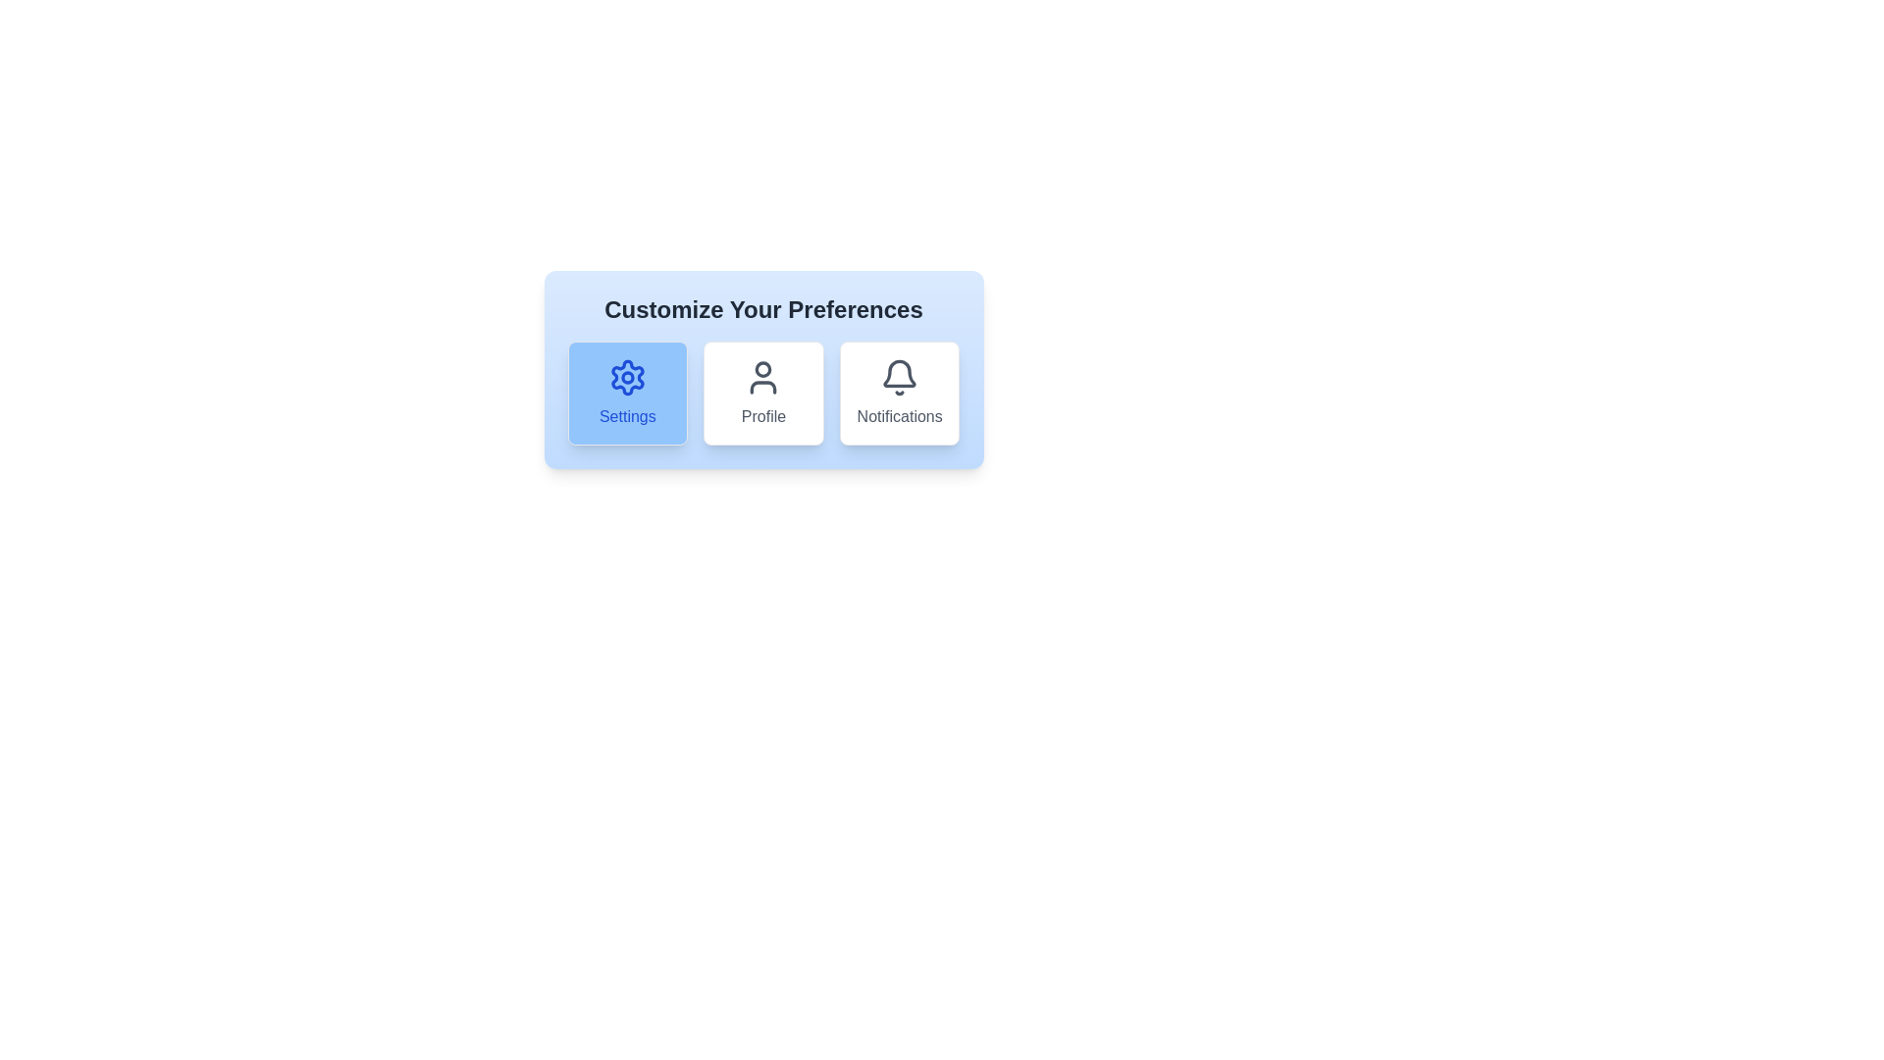 This screenshot has height=1060, width=1884. Describe the element at coordinates (762, 369) in the screenshot. I see `the user's profile picture placeholder, which is represented as a circle in the middle card below the title 'Customize Your Preferences'` at that location.